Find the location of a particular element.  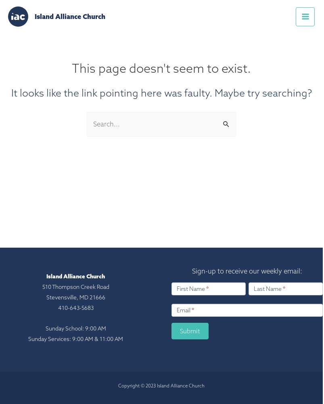

'Submit' is located at coordinates (190, 330).